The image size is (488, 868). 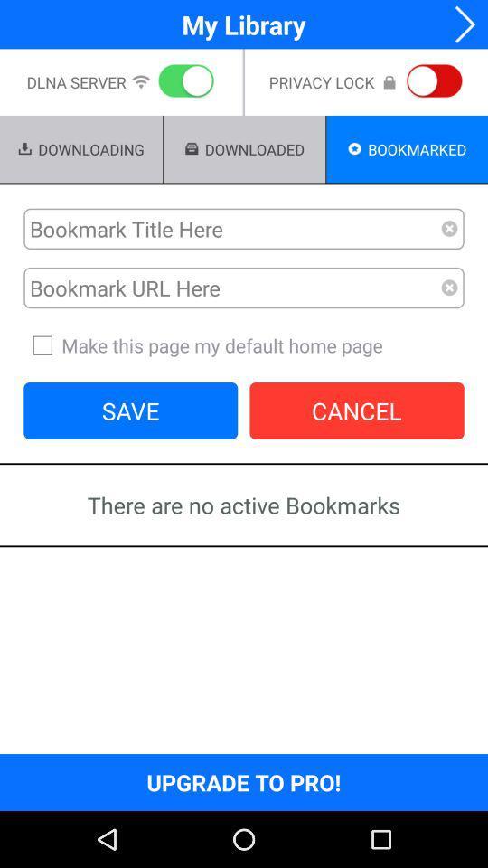 What do you see at coordinates (448, 288) in the screenshot?
I see `remove url` at bounding box center [448, 288].